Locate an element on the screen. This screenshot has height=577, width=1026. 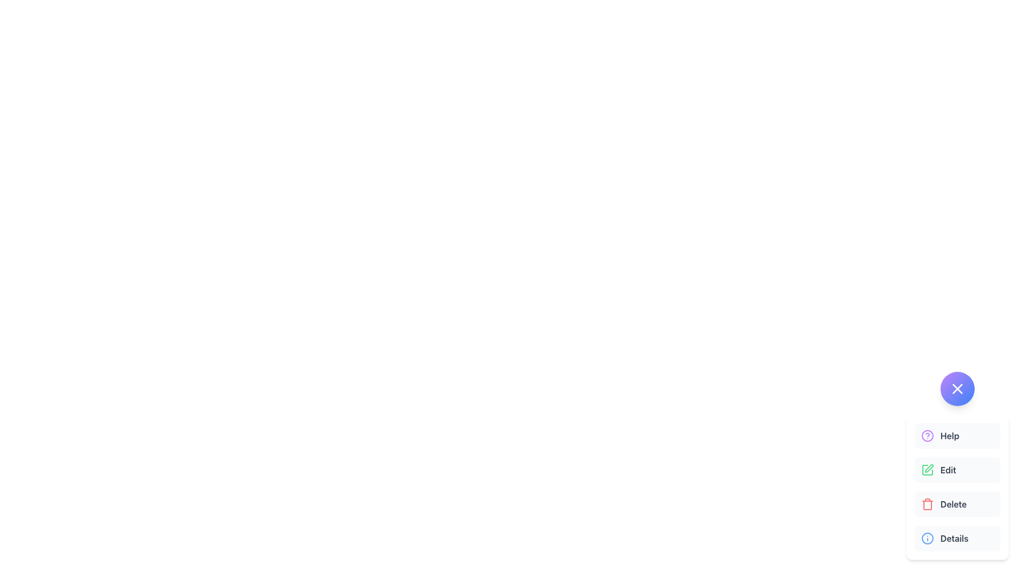
the close icon, which is a thin line forming a tilted cross, located near the center of a circular button above the options menu in the bottom-right corner of the interface is located at coordinates (957, 389).